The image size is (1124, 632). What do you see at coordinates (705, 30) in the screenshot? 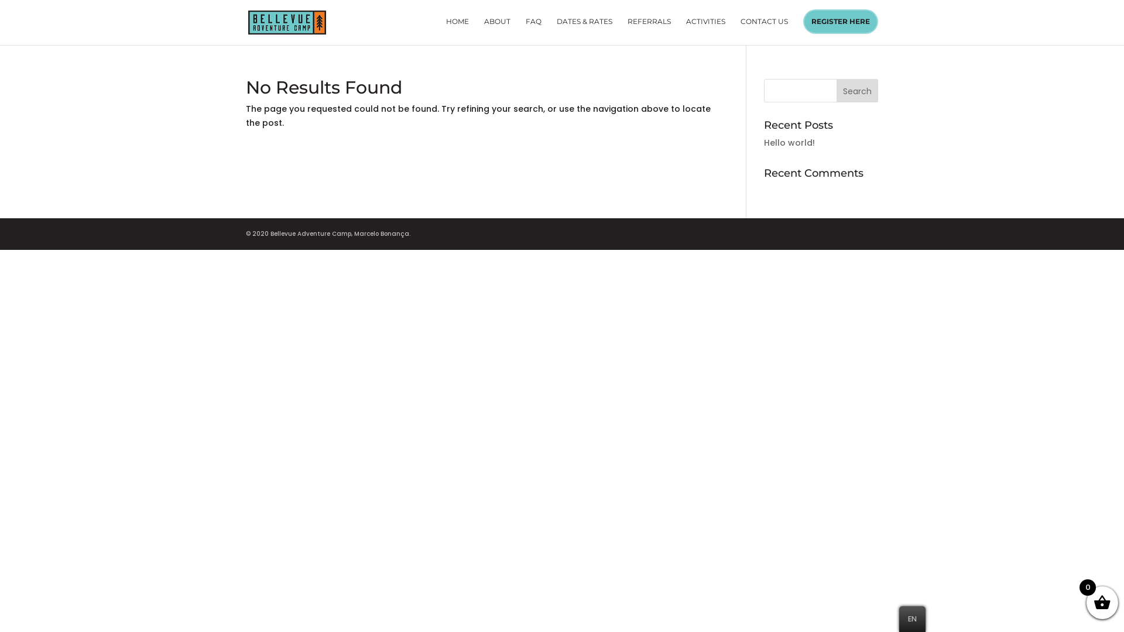
I see `'ACTIVITIES'` at bounding box center [705, 30].